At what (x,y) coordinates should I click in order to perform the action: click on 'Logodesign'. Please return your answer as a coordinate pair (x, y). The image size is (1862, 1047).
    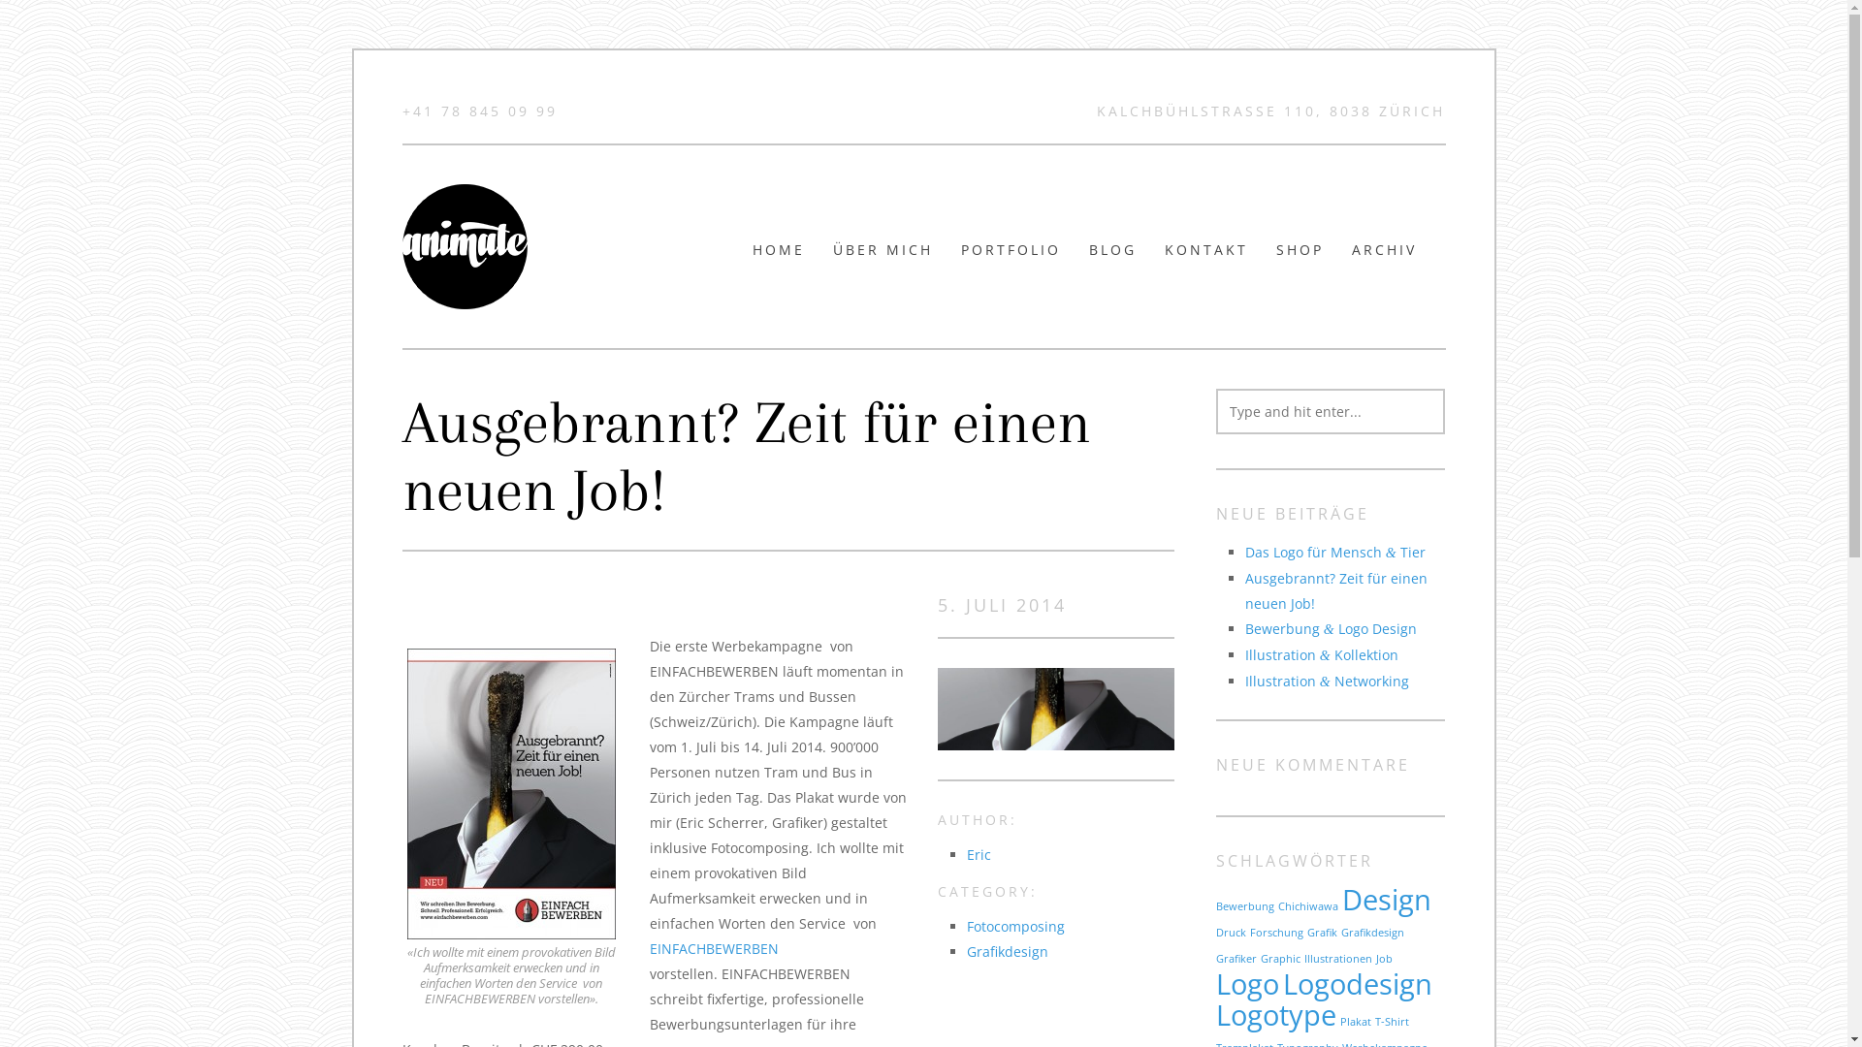
    Looking at the image, I should click on (1357, 983).